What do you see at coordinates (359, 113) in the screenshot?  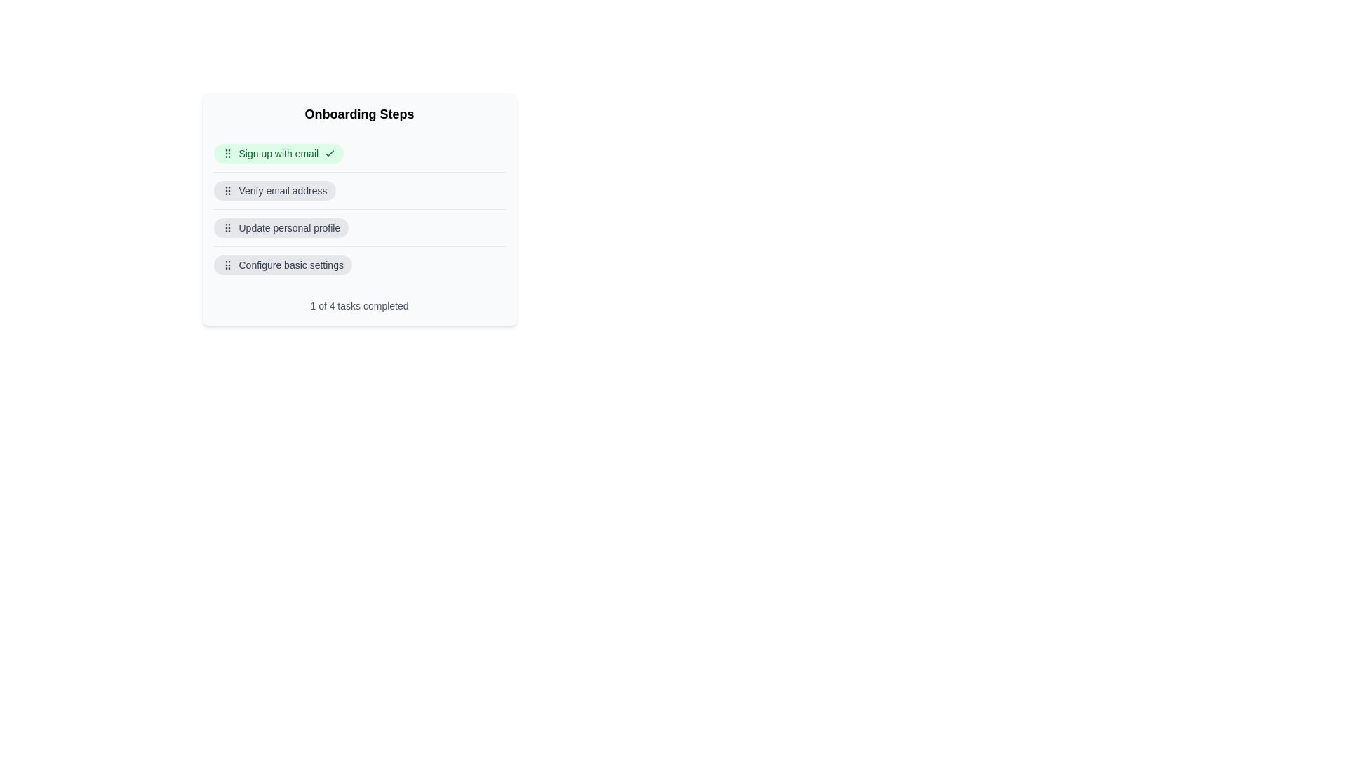 I see `heading of the text label located at the top of the onboarding tasks card` at bounding box center [359, 113].